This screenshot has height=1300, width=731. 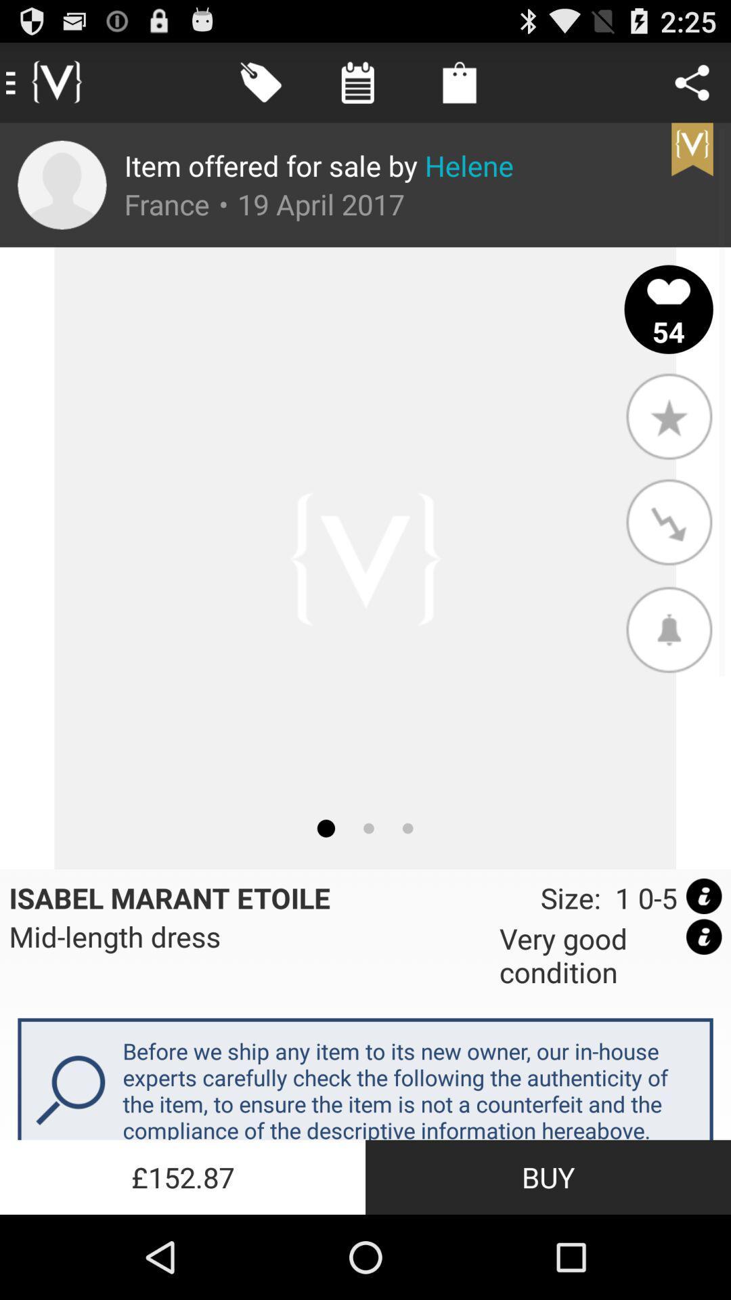 I want to click on the notifications icon, so click(x=668, y=673).